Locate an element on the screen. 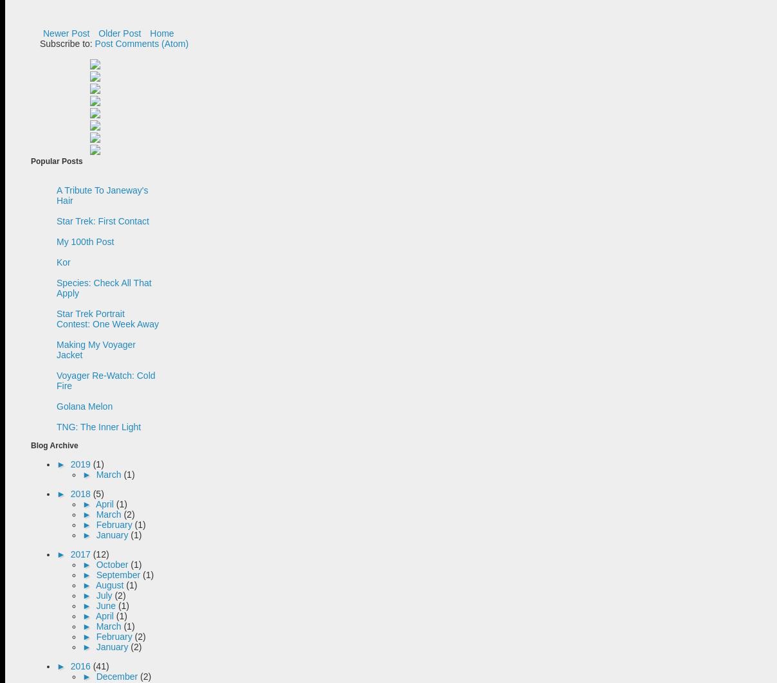 The width and height of the screenshot is (777, 683). 'Home' is located at coordinates (161, 33).